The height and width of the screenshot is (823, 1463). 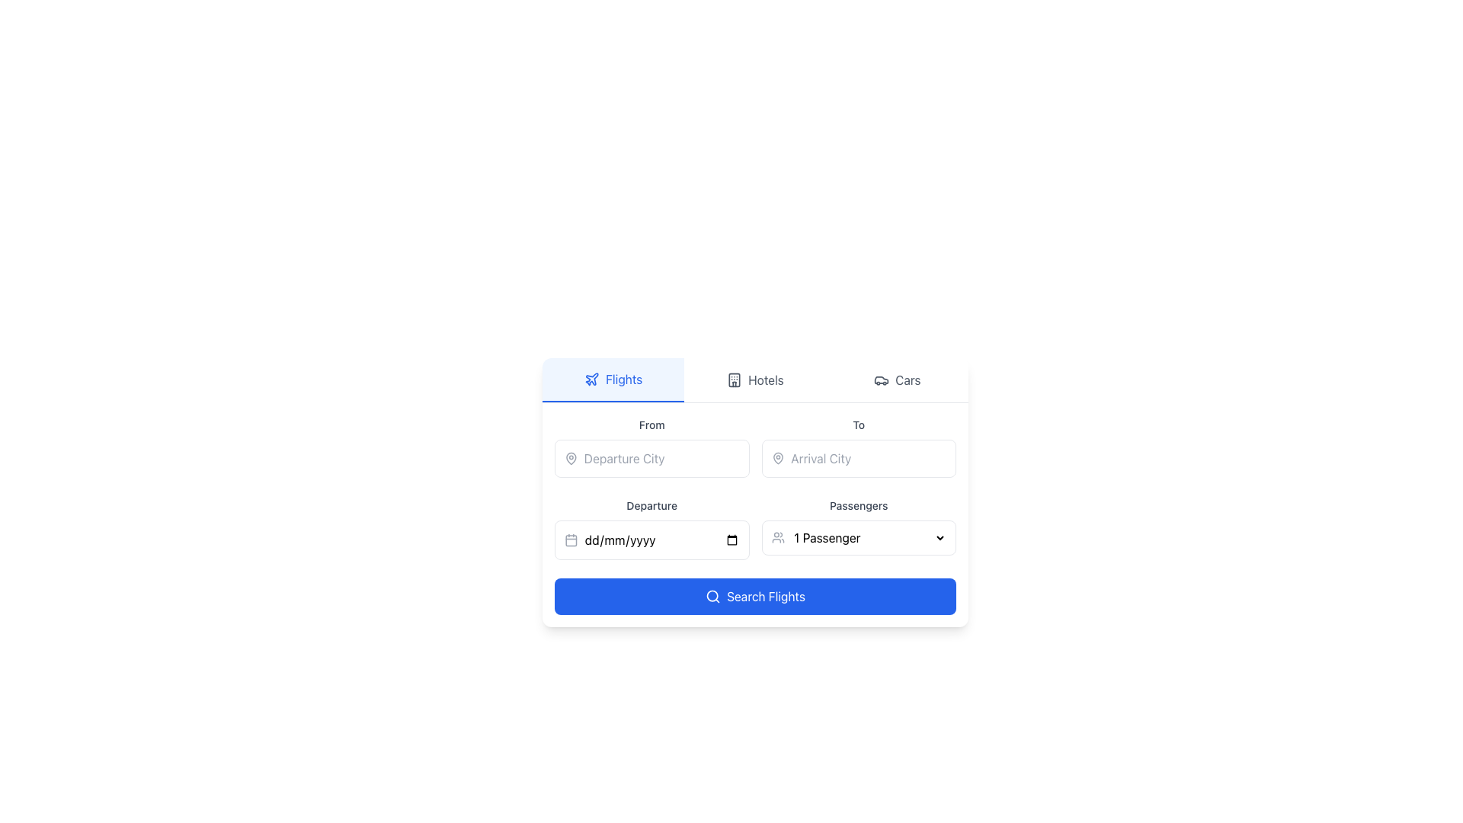 What do you see at coordinates (613, 379) in the screenshot?
I see `the 'Flights' tab` at bounding box center [613, 379].